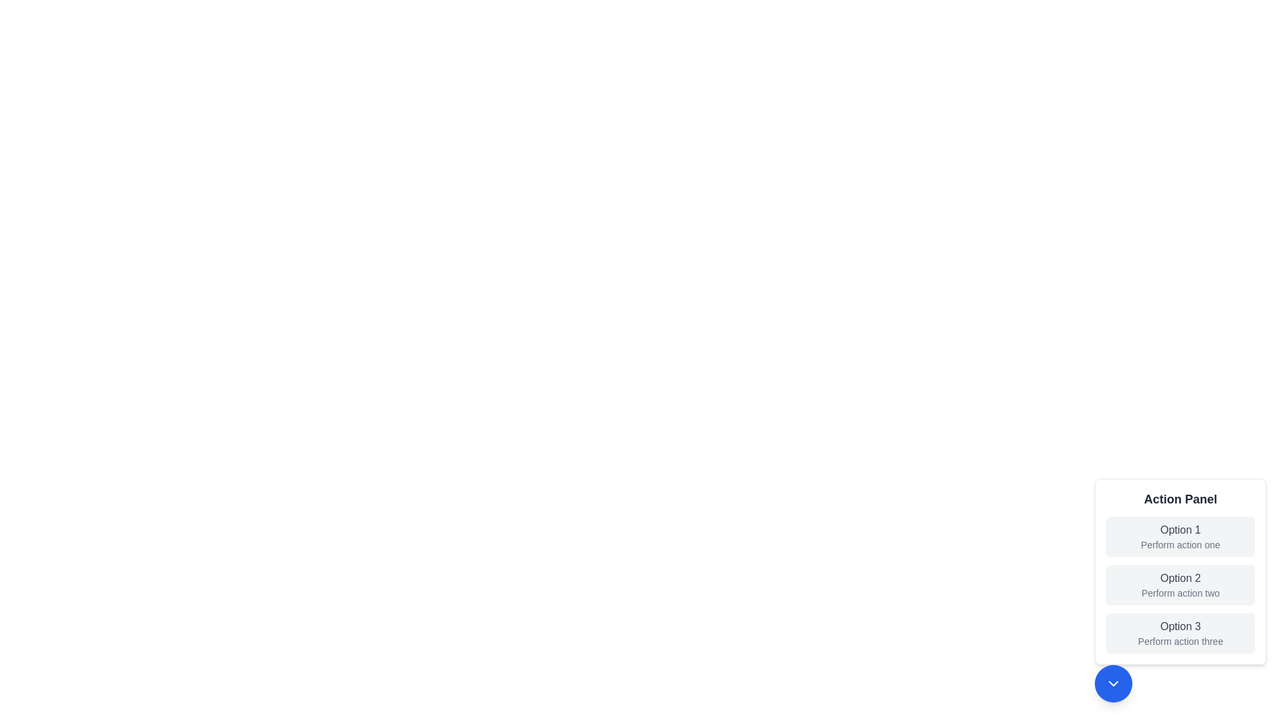  What do you see at coordinates (1181, 545) in the screenshot?
I see `the supplementary descriptive text label located under 'Option 1' in the 'Action Panel.'` at bounding box center [1181, 545].